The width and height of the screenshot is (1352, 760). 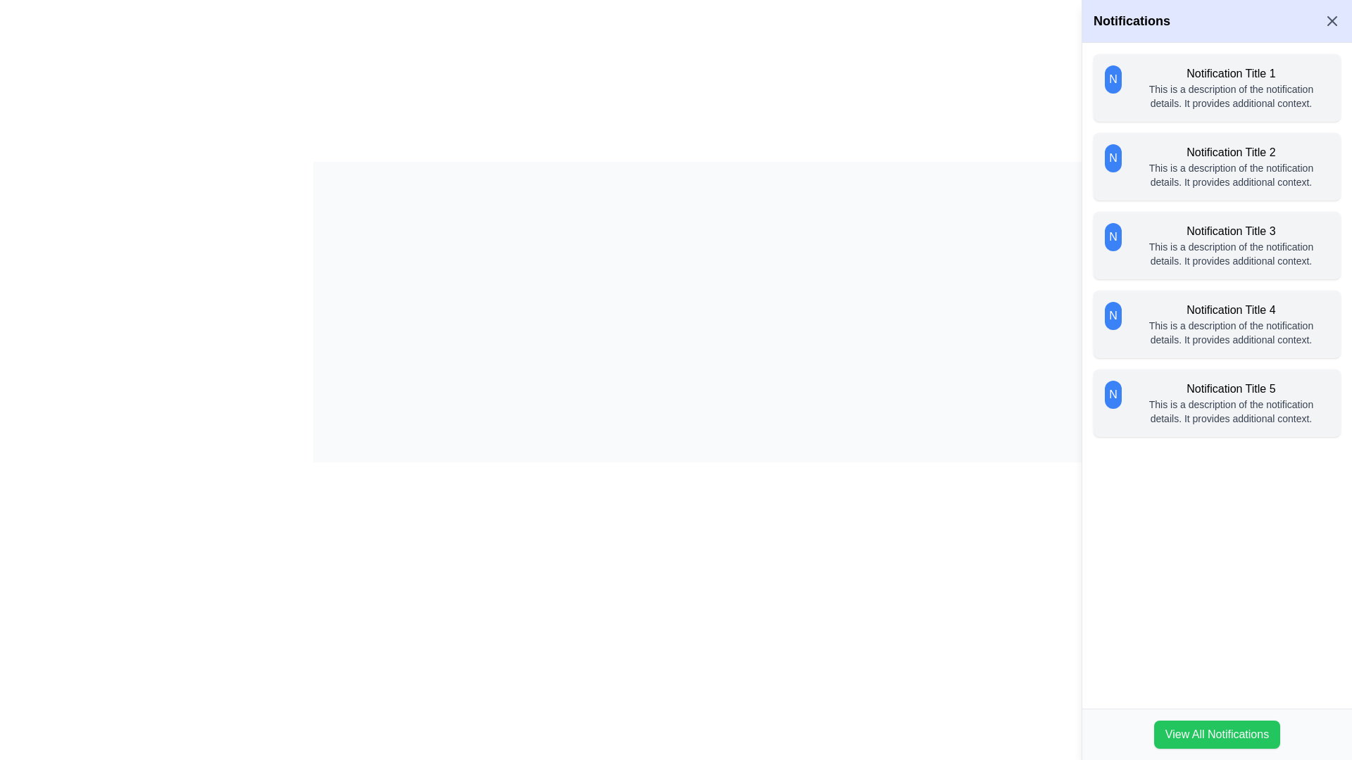 I want to click on the close button for the notification panel located at the top-right corner of the light blue header with the title 'Notifications' to change its color, so click(x=1331, y=21).